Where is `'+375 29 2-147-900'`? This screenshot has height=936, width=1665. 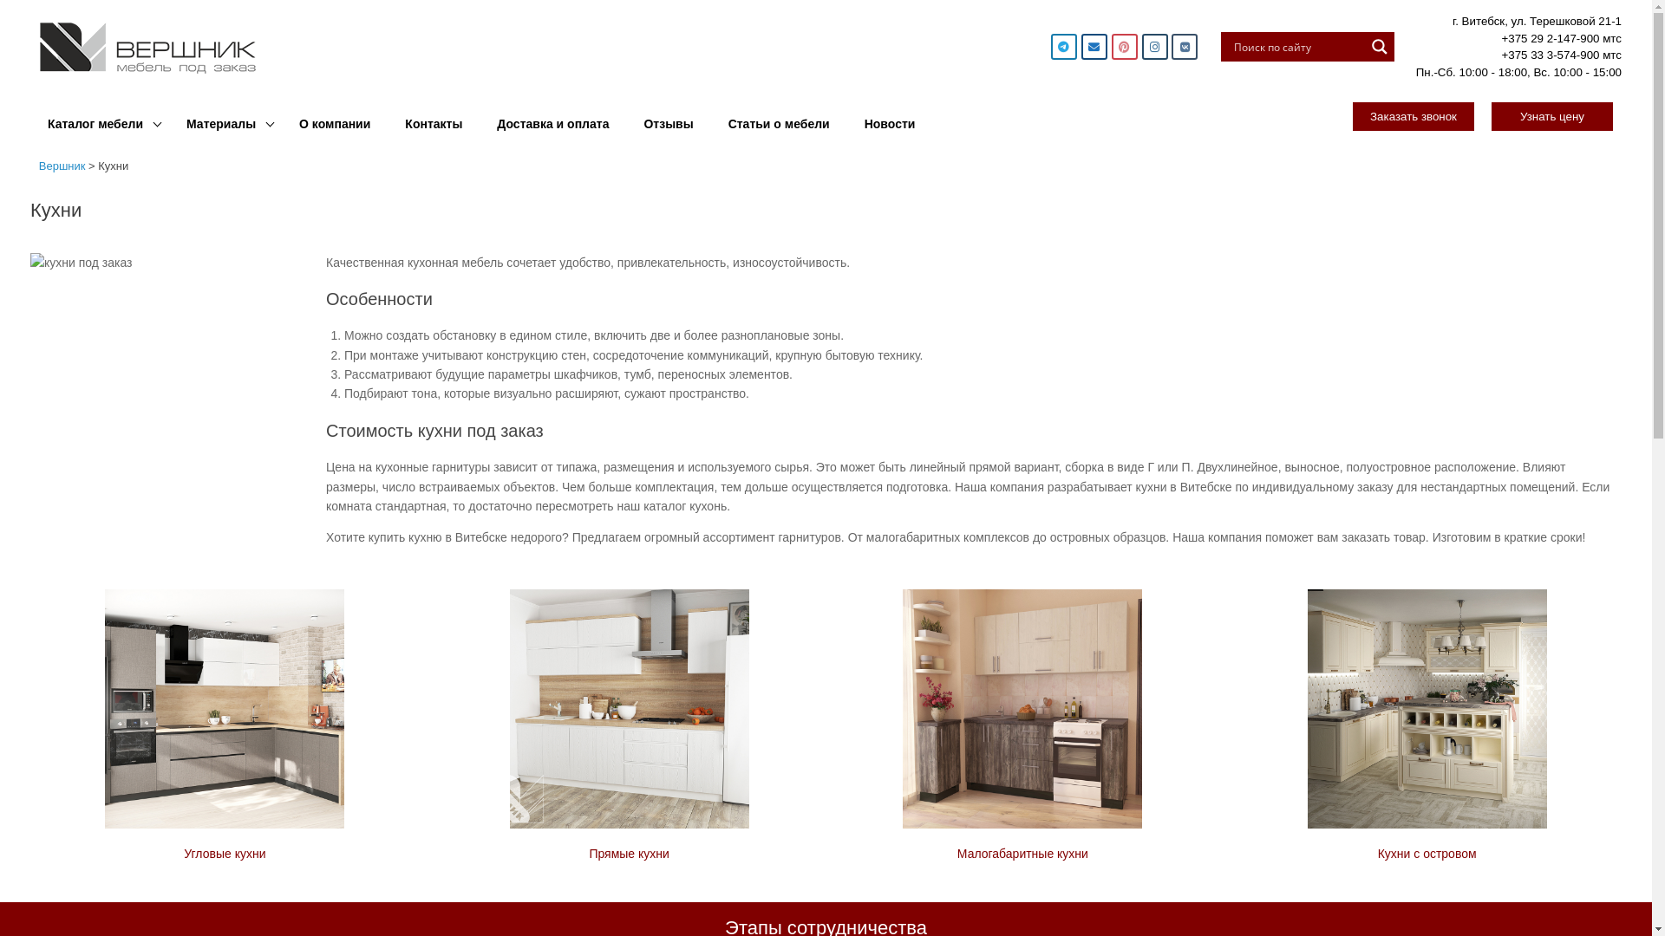 '+375 29 2-147-900' is located at coordinates (1550, 37).